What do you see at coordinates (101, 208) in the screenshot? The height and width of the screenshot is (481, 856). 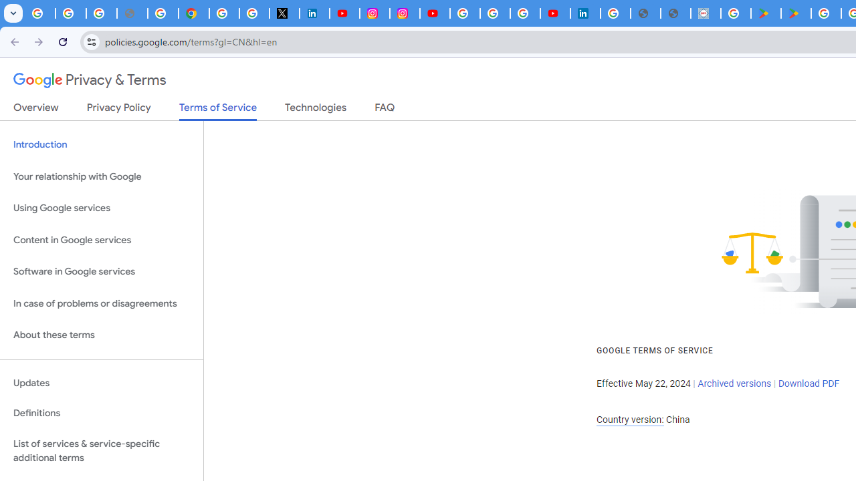 I see `'Using Google services'` at bounding box center [101, 208].